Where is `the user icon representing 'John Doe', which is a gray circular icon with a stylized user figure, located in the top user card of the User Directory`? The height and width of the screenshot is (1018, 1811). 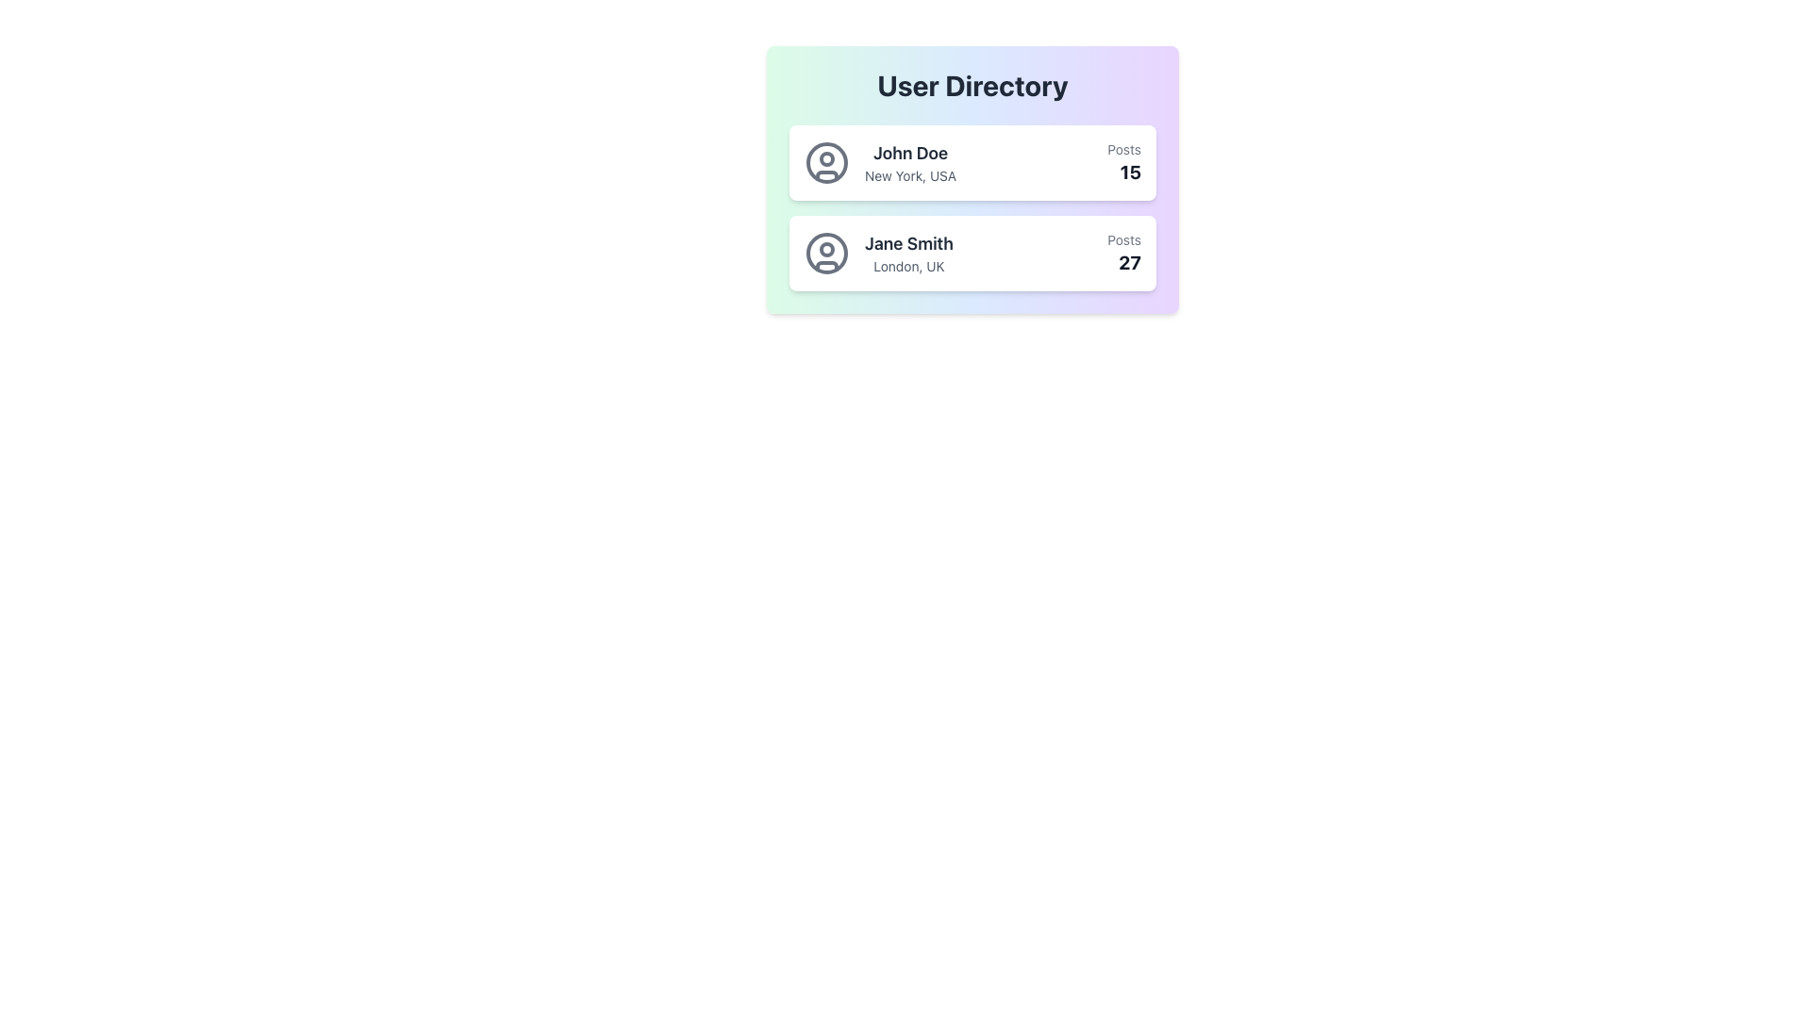 the user icon representing 'John Doe', which is a gray circular icon with a stylized user figure, located in the top user card of the User Directory is located at coordinates (827, 162).